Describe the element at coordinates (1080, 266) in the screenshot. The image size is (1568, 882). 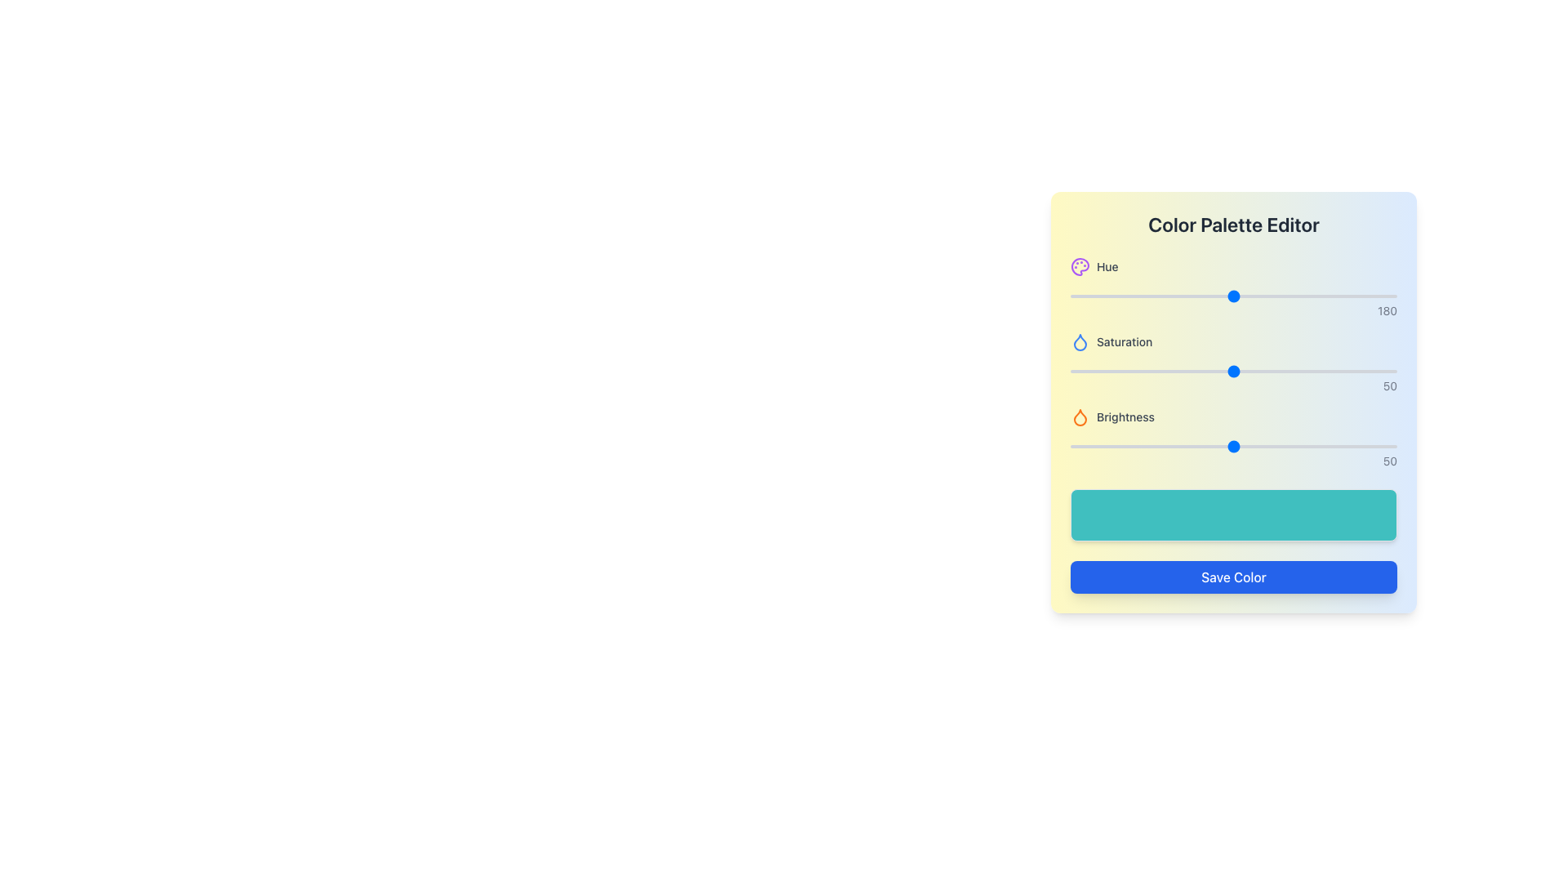
I see `the main body of the painter's palette icon located in the Color Palette Editor interface, near the label 'Hue', for potential interaction` at that location.